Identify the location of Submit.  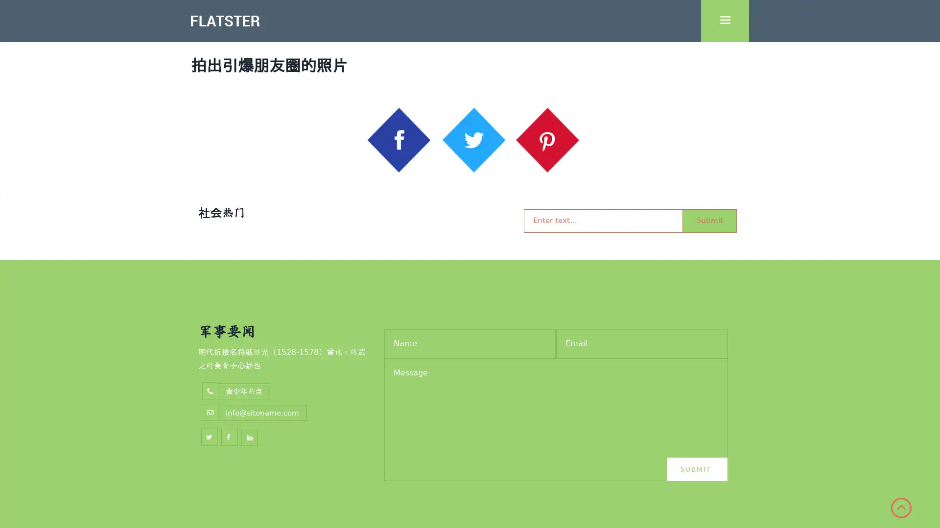
(705, 220).